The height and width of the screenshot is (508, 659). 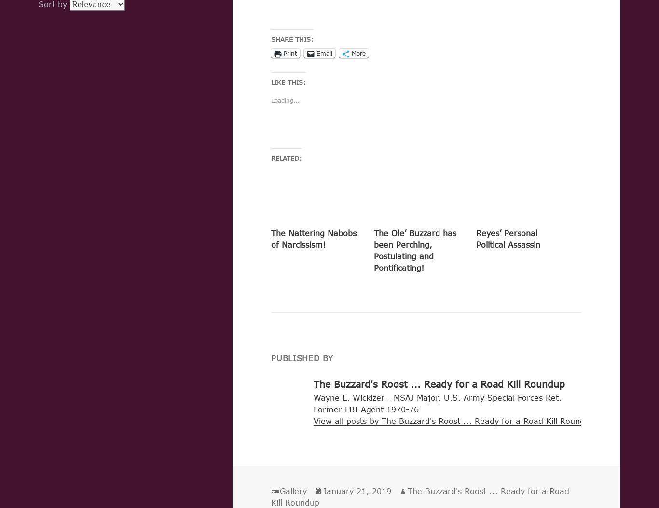 I want to click on 'Related', so click(x=285, y=158).